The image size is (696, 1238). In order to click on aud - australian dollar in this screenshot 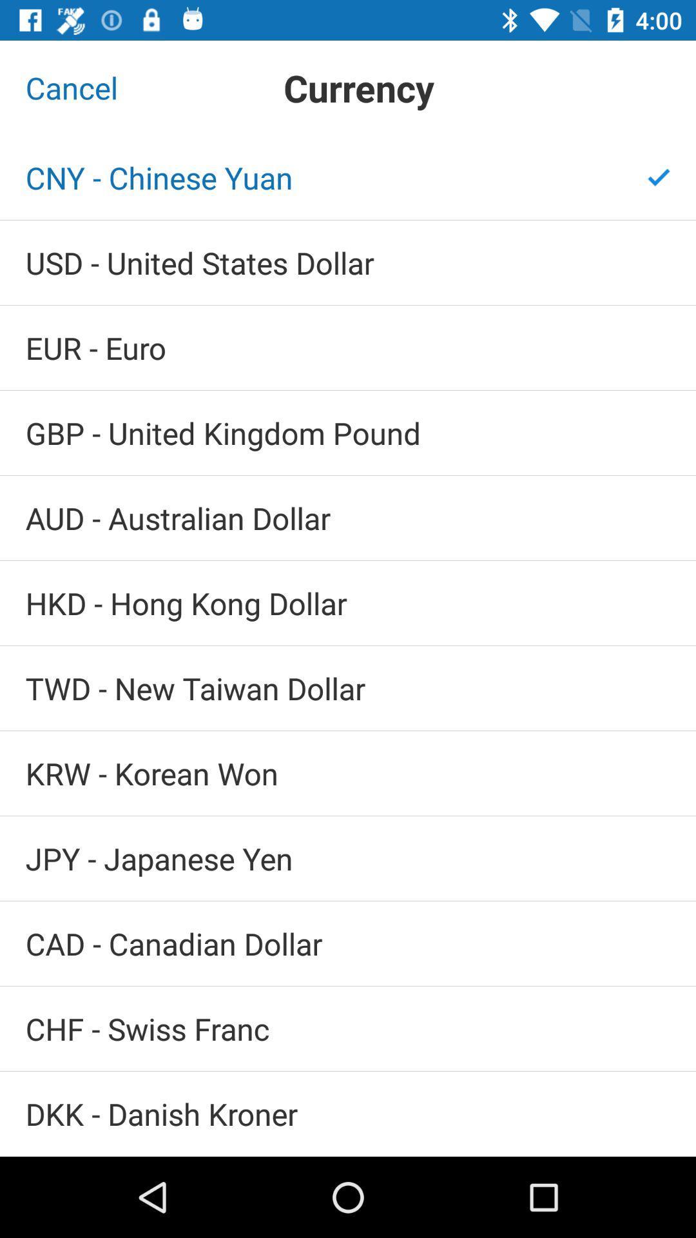, I will do `click(348, 518)`.